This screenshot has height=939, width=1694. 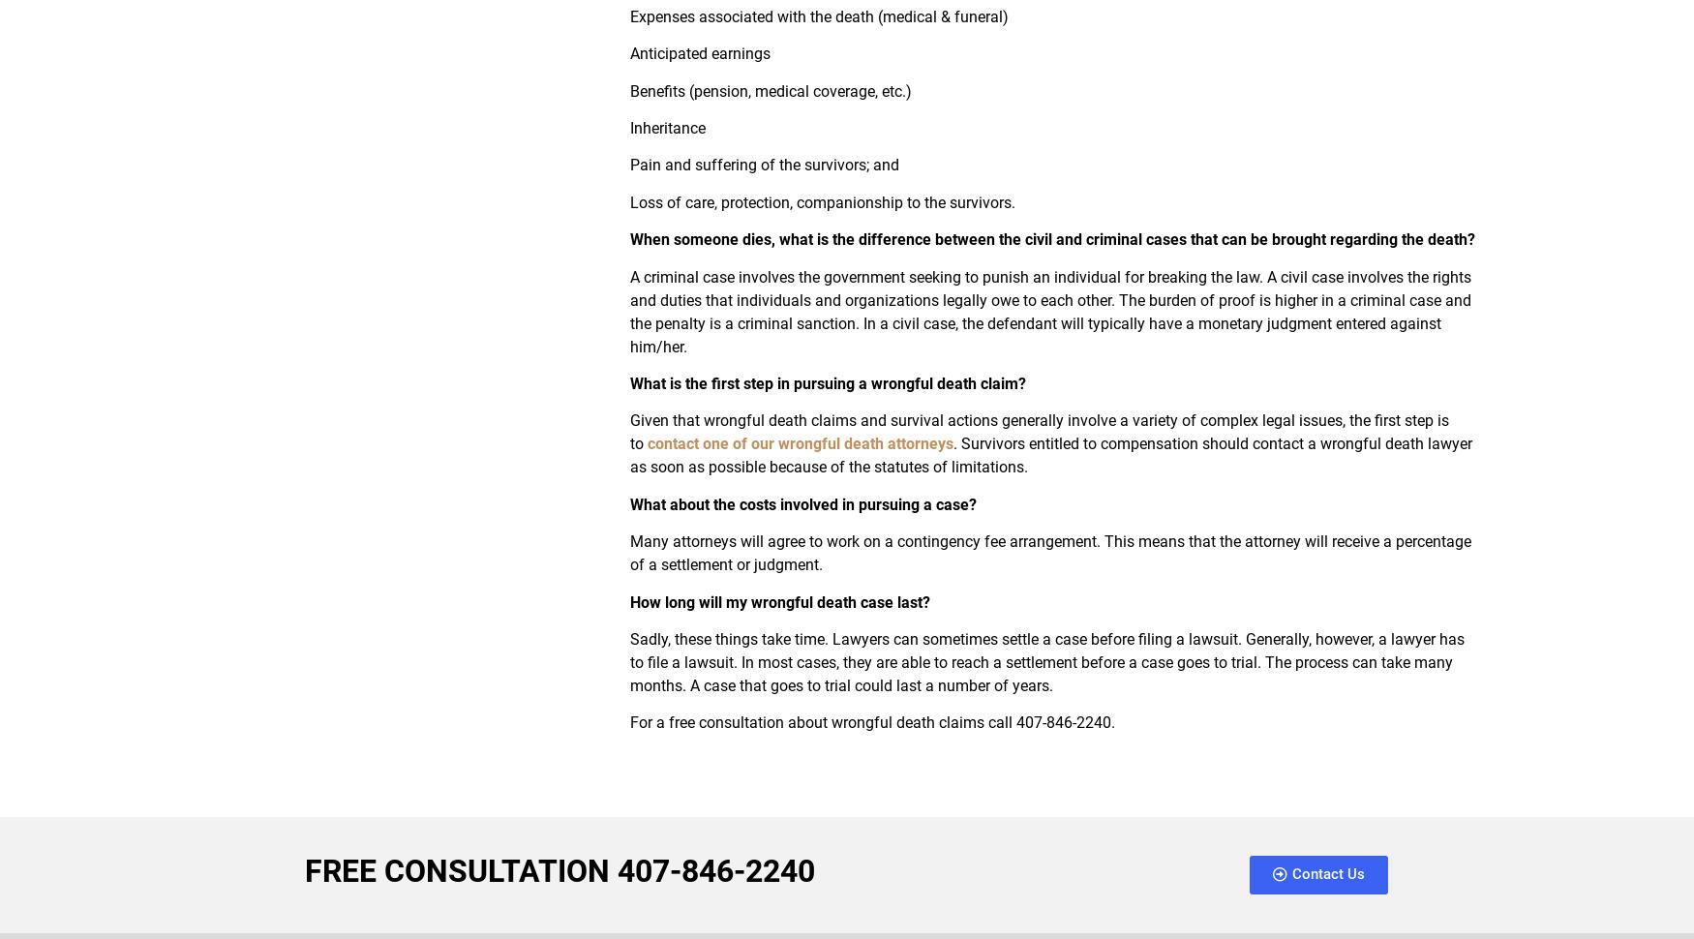 What do you see at coordinates (1049, 311) in the screenshot?
I see `'A criminal case involves the government seeking to punish an individual for breaking the law. A civil case involves the rights and duties that individuals and organizations legally owe to each other. The burden of proof is higher in a criminal case and the penalty is a criminal sanction. In a civil case, the defendant will typically have a monetary judgment entered against him/her.'` at bounding box center [1049, 311].